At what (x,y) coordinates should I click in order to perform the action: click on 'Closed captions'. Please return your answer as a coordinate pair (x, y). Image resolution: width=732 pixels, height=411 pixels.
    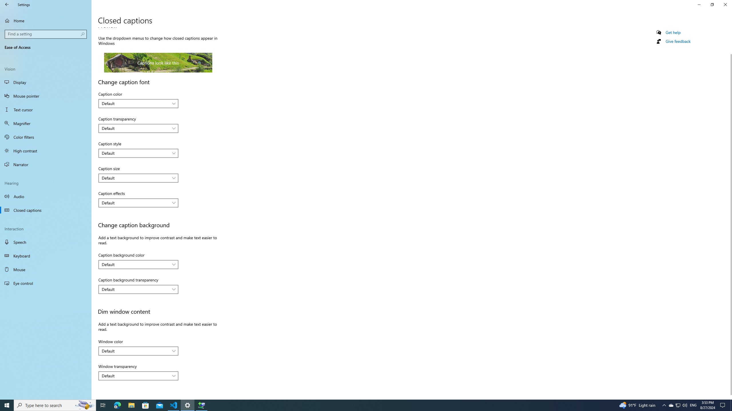
    Looking at the image, I should click on (45, 210).